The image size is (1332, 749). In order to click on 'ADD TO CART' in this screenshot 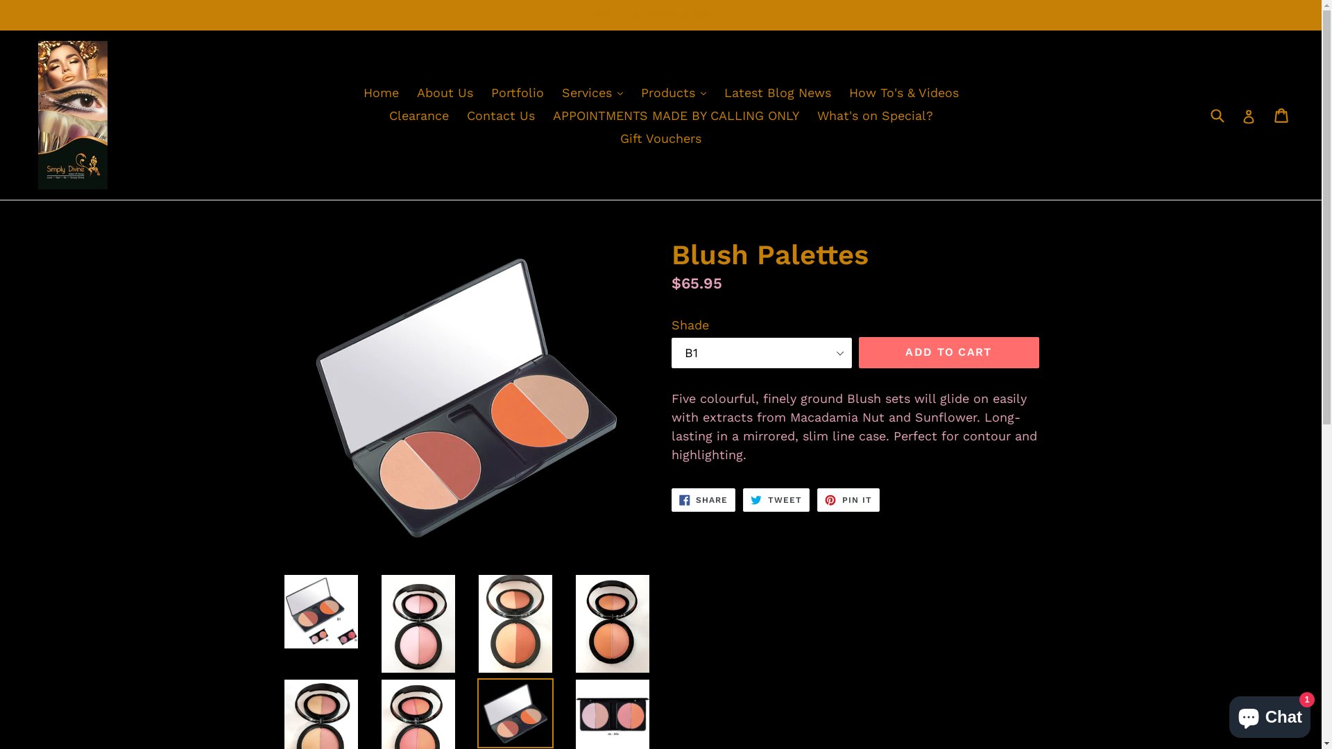, I will do `click(948, 352)`.